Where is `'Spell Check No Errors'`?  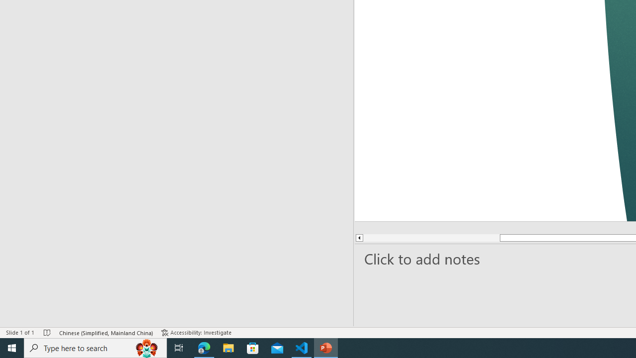
'Spell Check No Errors' is located at coordinates (47, 333).